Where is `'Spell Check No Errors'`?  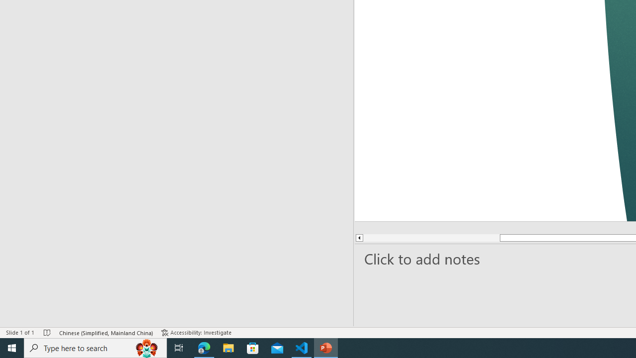
'Spell Check No Errors' is located at coordinates (47, 333).